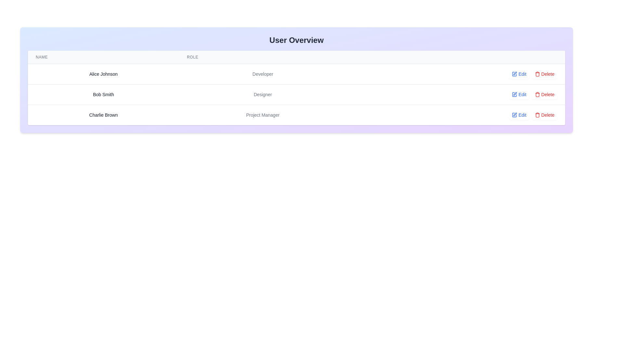 The width and height of the screenshot is (624, 351). What do you see at coordinates (519, 94) in the screenshot?
I see `the 'Edit' button with blue text and a pen icon, located in the 'User Overview' table row next to the 'Delete' button` at bounding box center [519, 94].